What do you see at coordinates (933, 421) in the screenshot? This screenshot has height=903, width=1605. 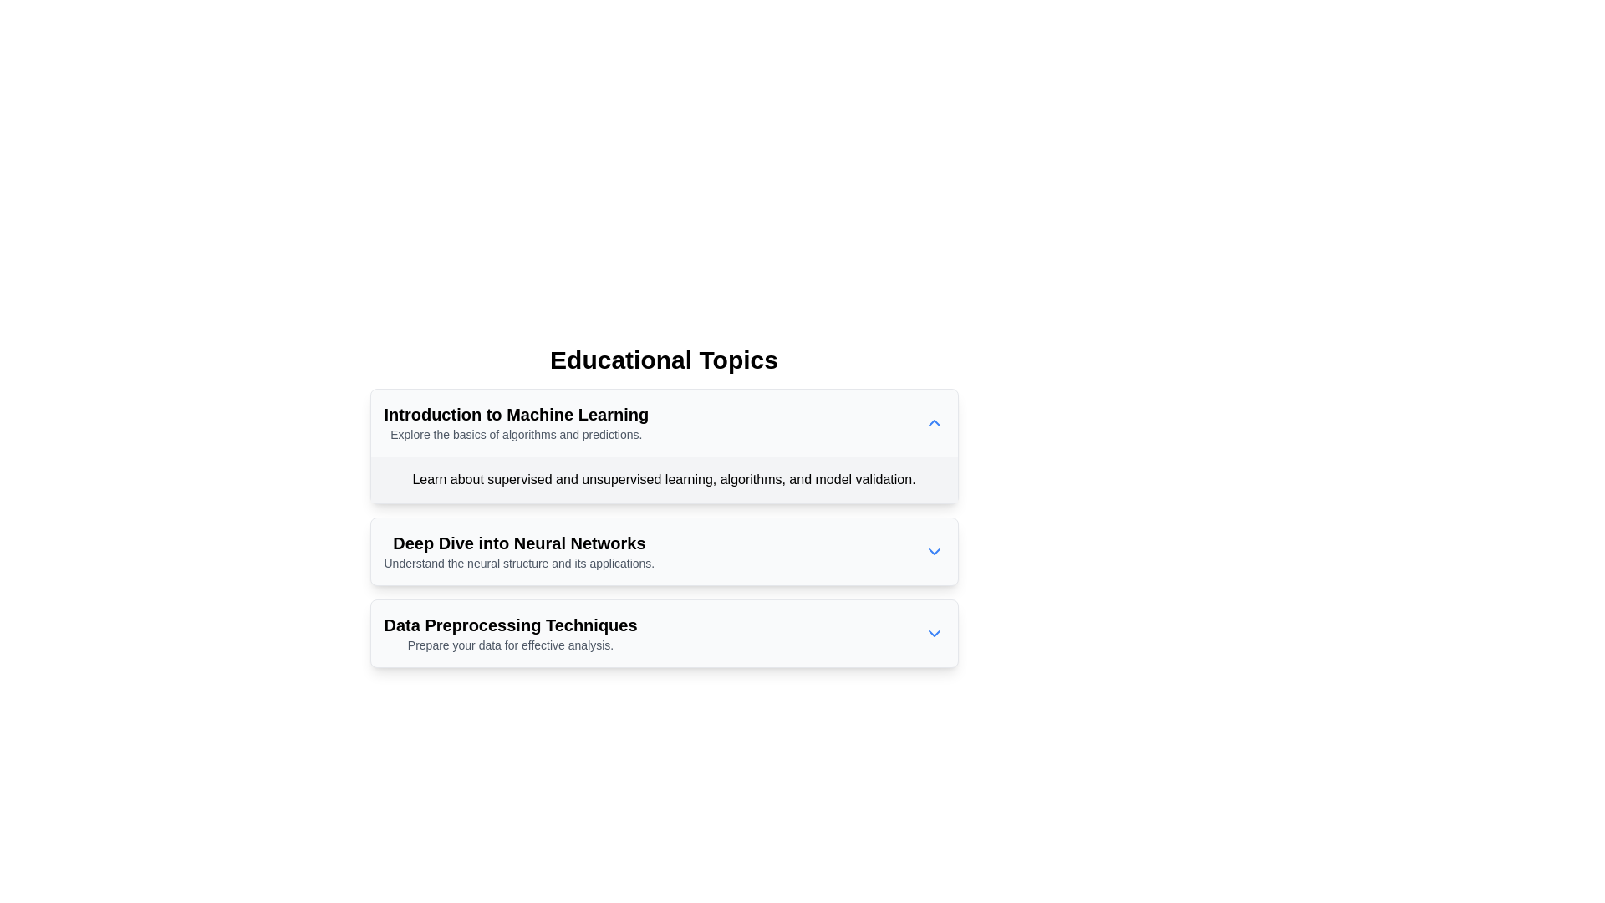 I see `the upward-pointing chevron icon` at bounding box center [933, 421].